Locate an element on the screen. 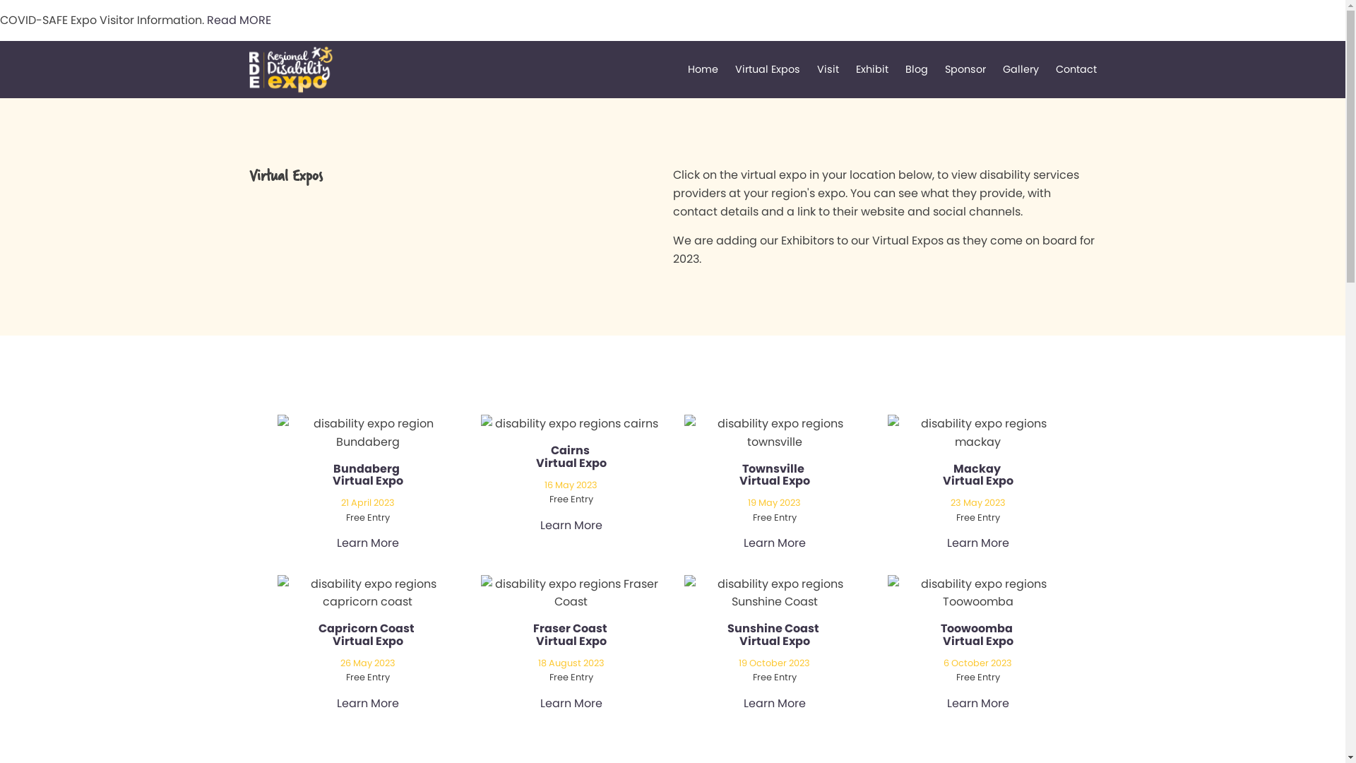 The height and width of the screenshot is (763, 1356). 'Sponsor' is located at coordinates (965, 69).